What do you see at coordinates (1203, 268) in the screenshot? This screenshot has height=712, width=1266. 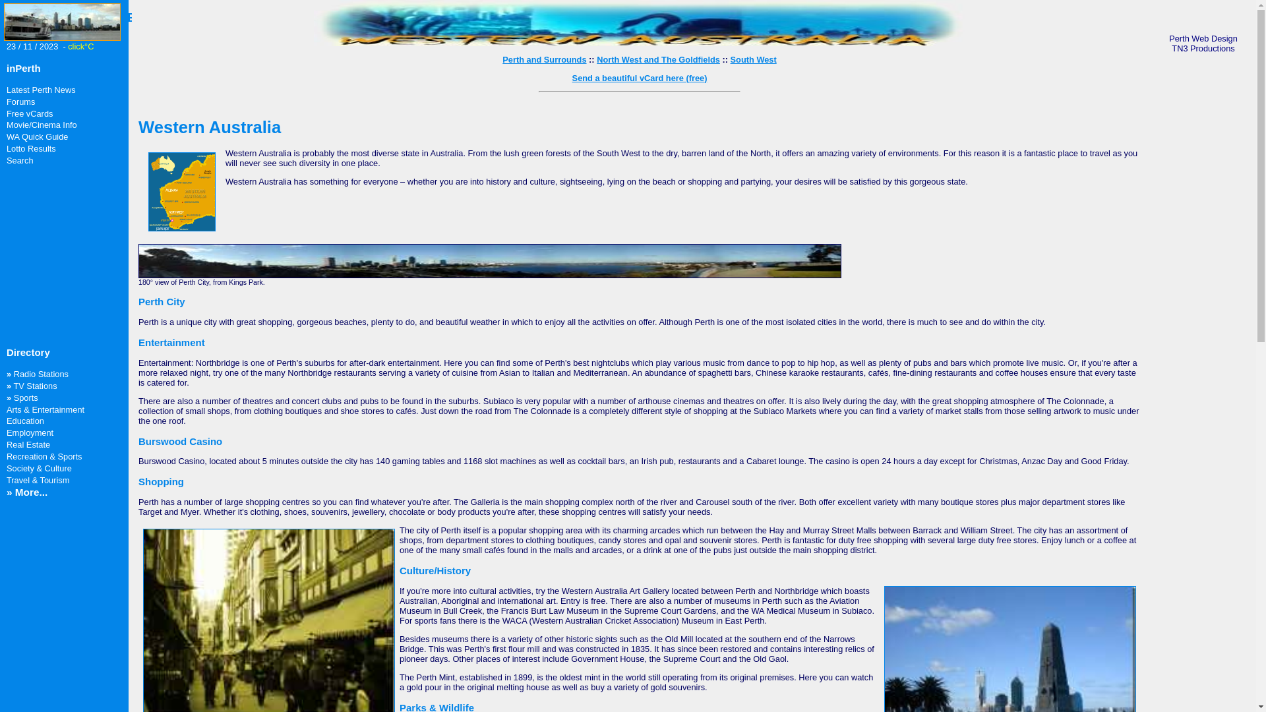 I see `'Advertisement'` at bounding box center [1203, 268].